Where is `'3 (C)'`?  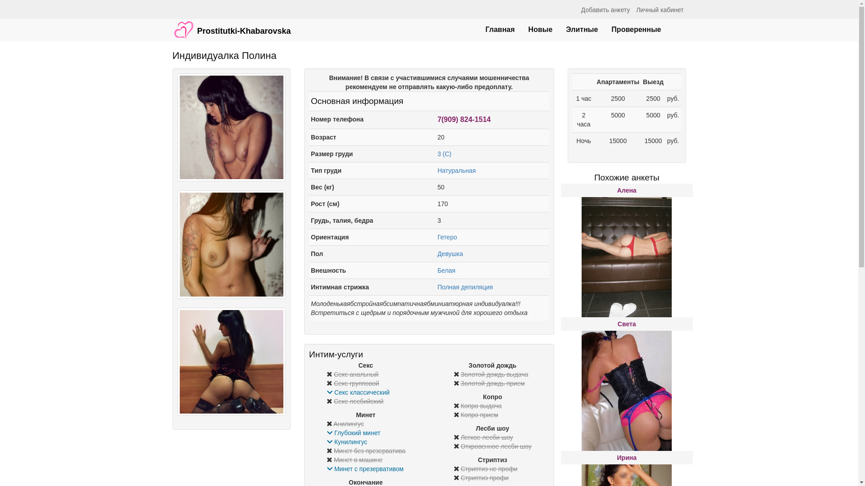 '3 (C)' is located at coordinates (444, 153).